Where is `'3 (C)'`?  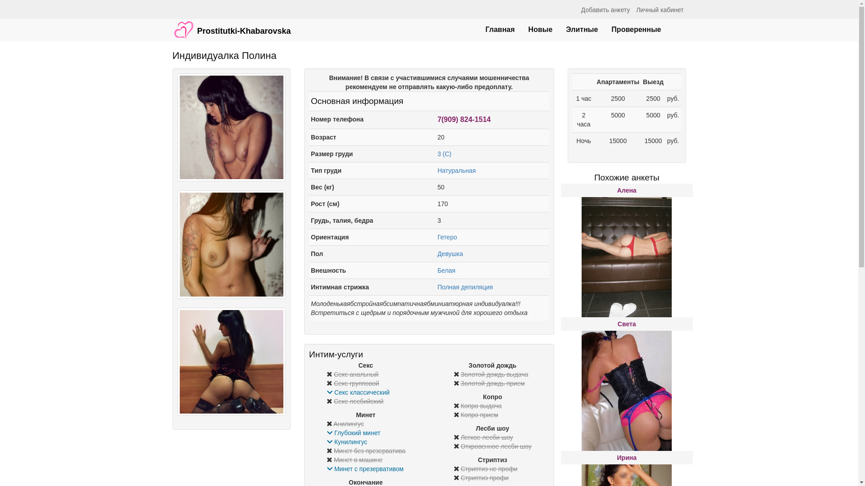 '3 (C)' is located at coordinates (444, 153).